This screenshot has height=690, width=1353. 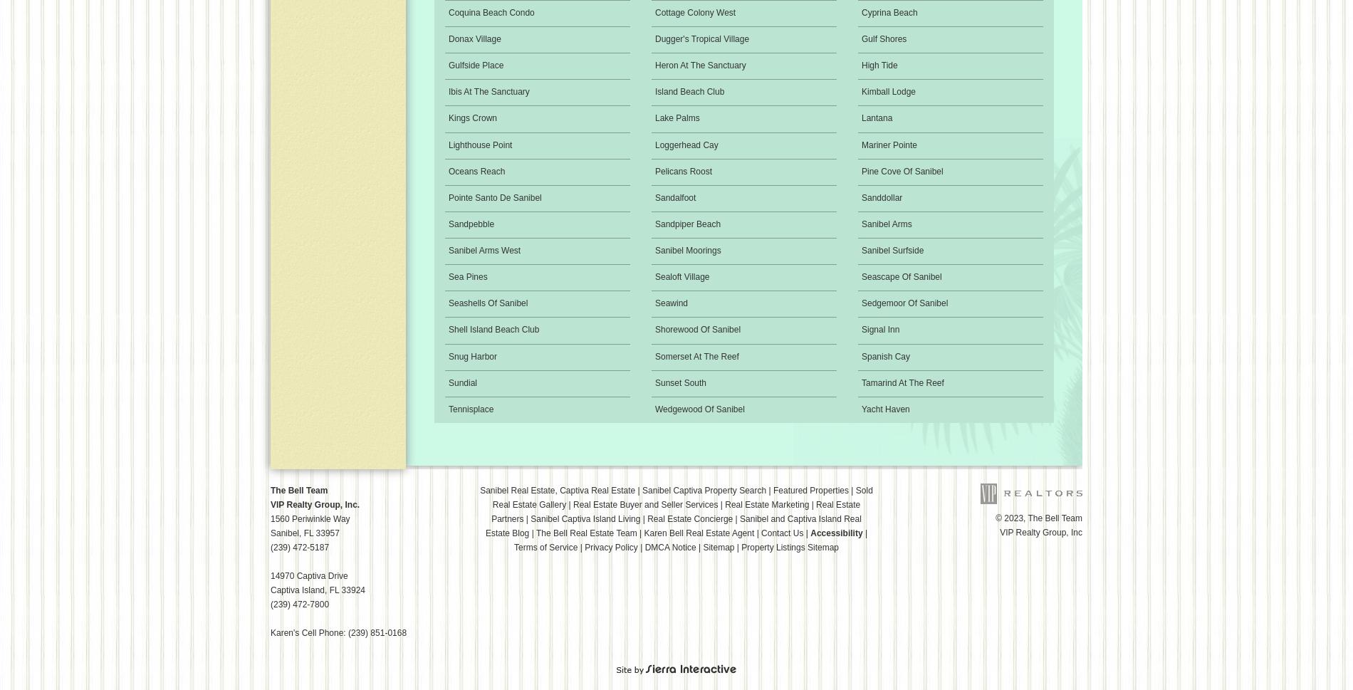 What do you see at coordinates (699, 408) in the screenshot?
I see `'Wedgewood Of Sanibel'` at bounding box center [699, 408].